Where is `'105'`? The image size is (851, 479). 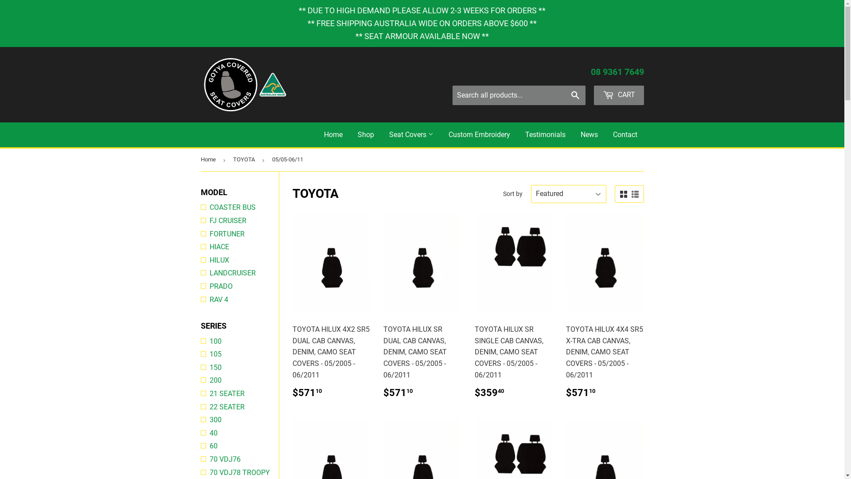 '105' is located at coordinates (239, 353).